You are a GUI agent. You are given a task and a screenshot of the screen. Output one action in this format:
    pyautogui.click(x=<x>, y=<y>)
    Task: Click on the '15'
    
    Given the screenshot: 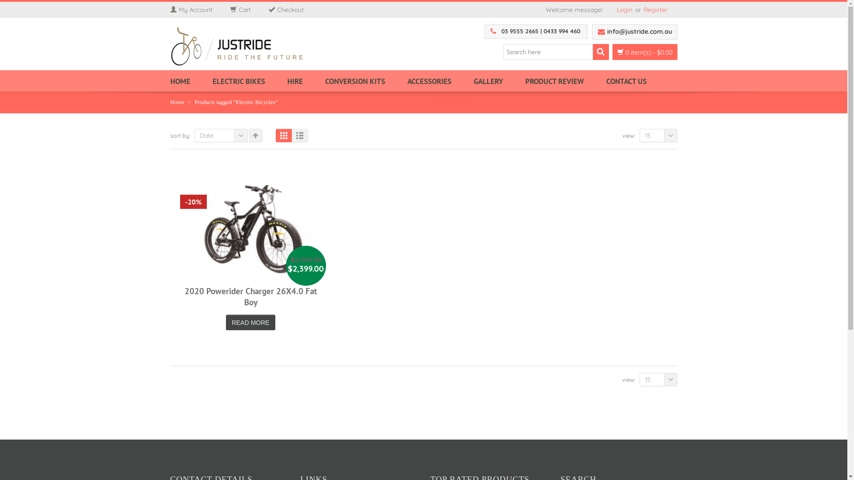 What is the action you would take?
    pyautogui.click(x=639, y=379)
    